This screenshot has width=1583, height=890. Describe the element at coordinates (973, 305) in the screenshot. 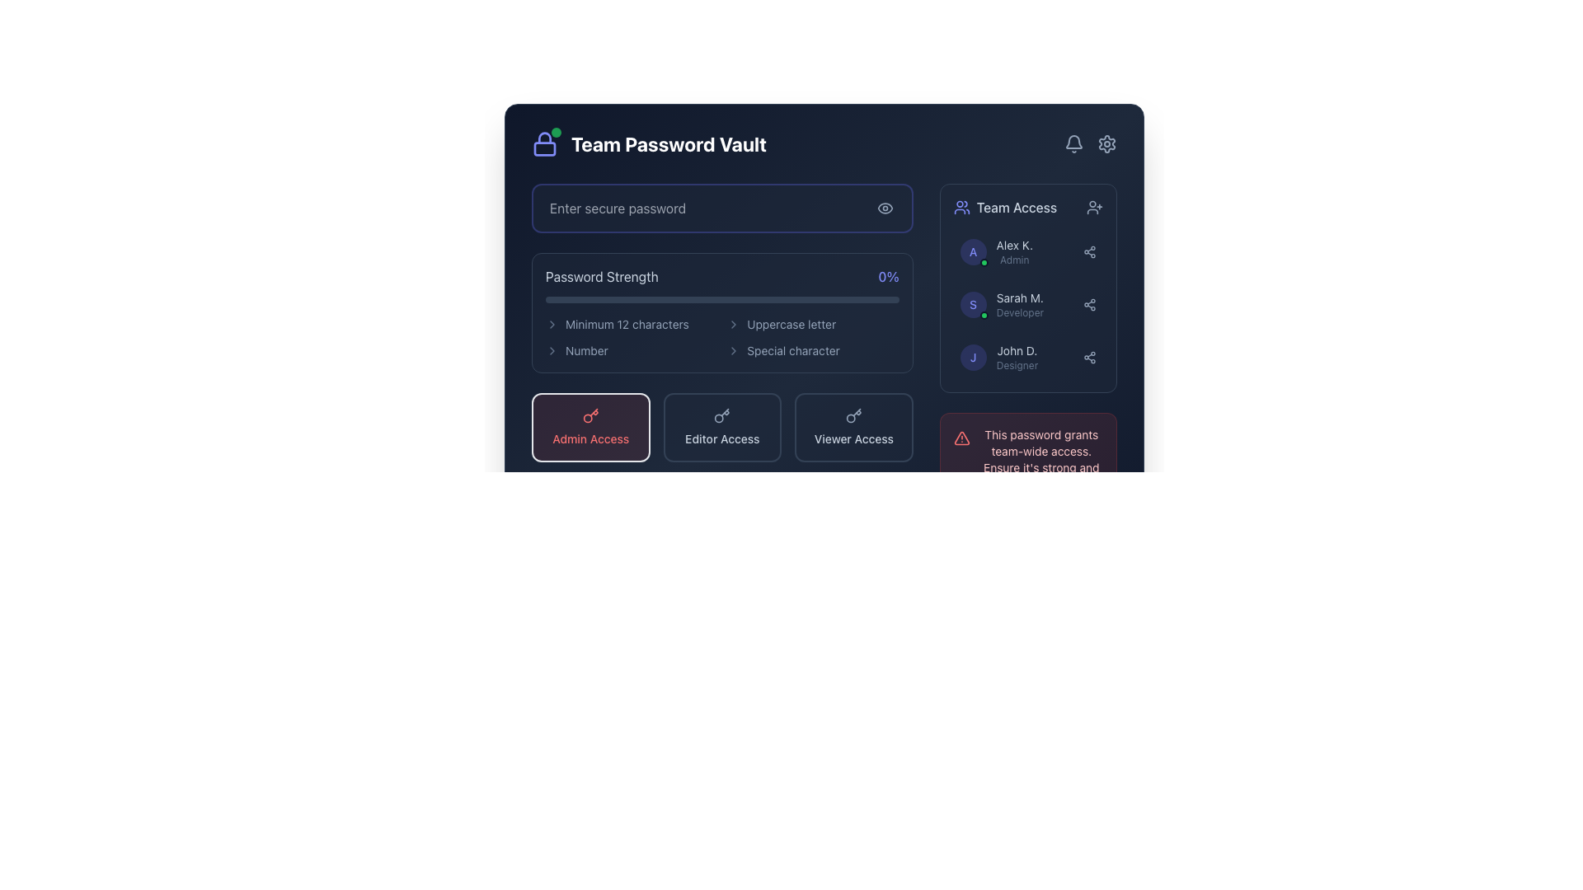

I see `Profile Badge for user 'Sarah M.' located in the 'Team Access' section, positioned between 'Alex K.' and 'John D.'` at that location.